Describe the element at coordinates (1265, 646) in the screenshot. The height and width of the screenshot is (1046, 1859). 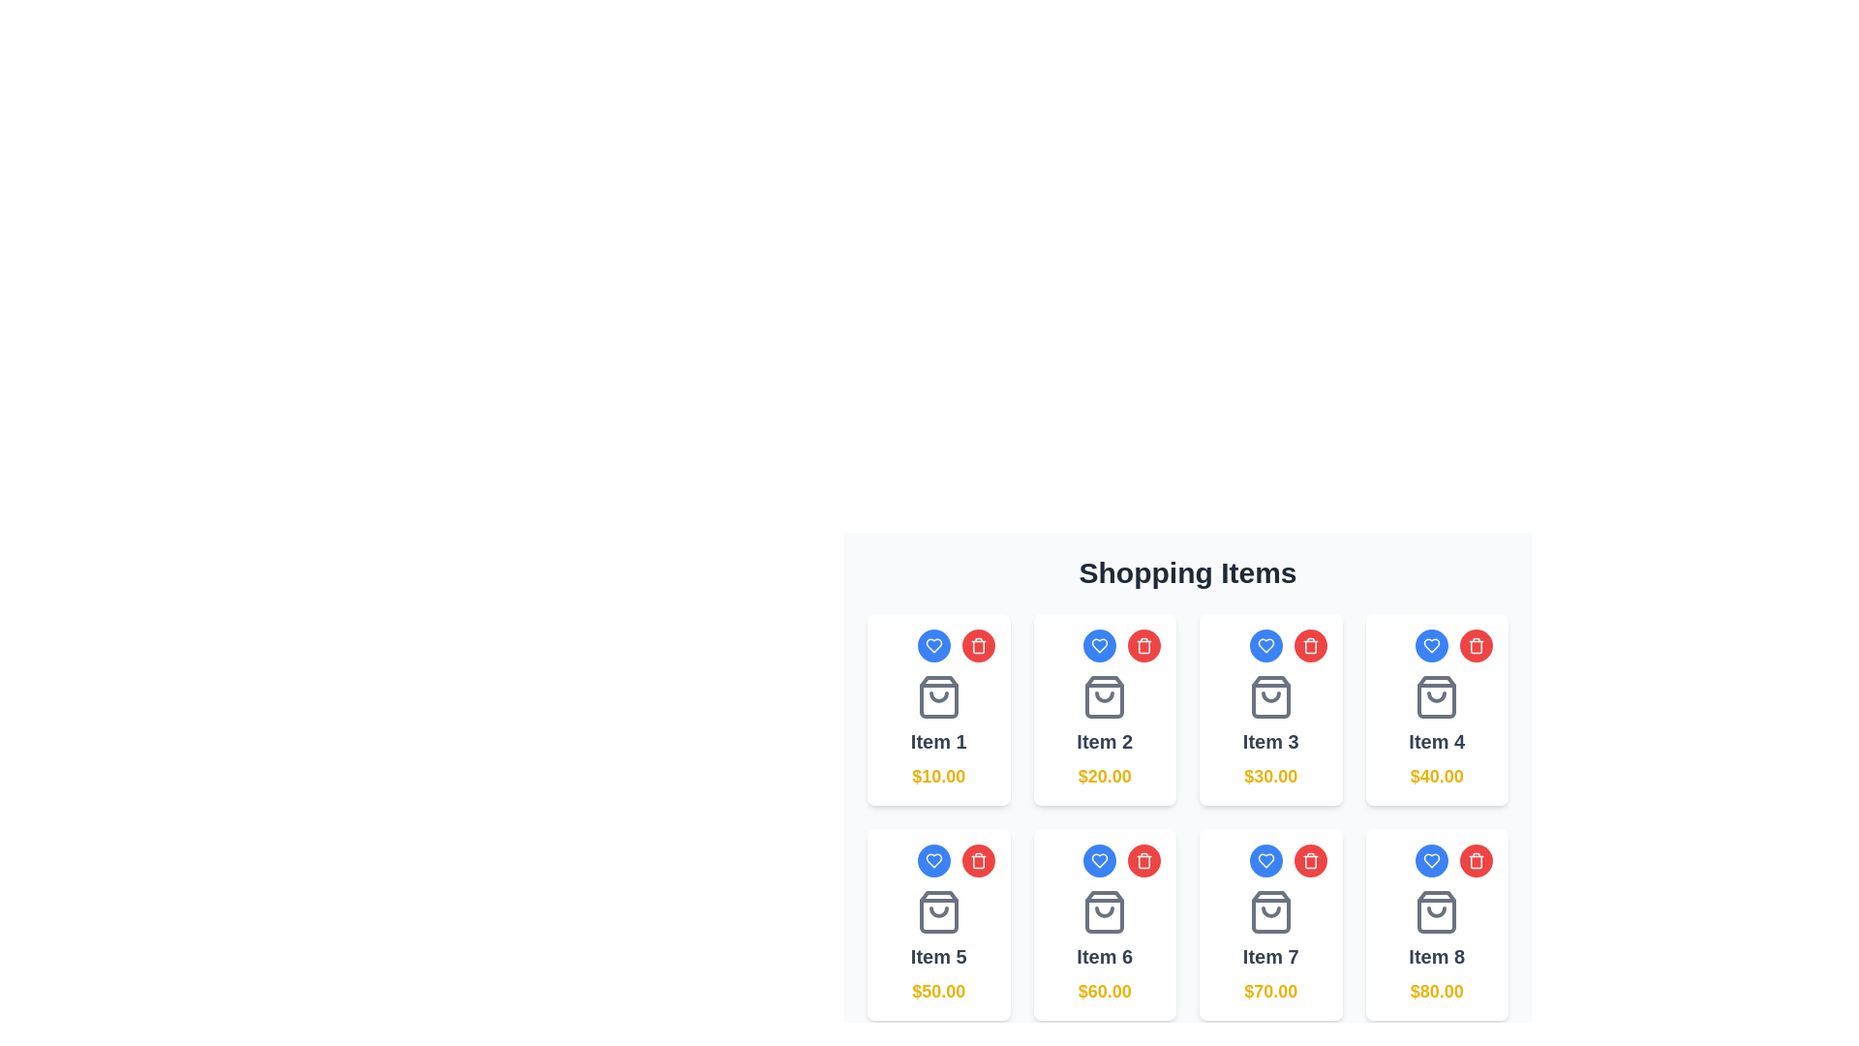
I see `the heart icon at the top left corner of the 'Item 3' card to mark the item as a favorite` at that location.